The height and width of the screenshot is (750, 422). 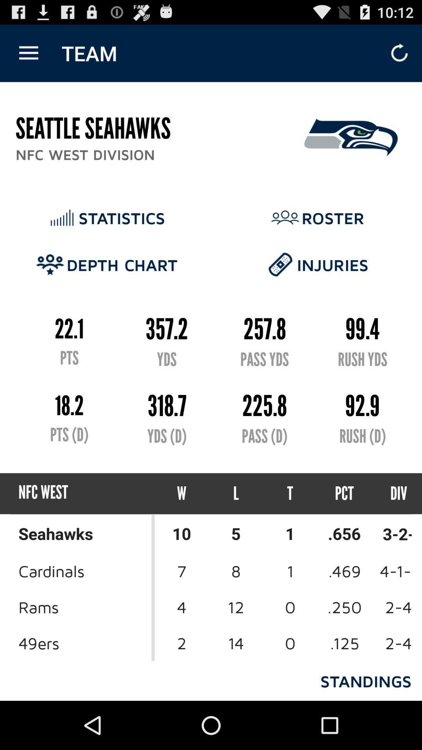 What do you see at coordinates (236, 493) in the screenshot?
I see `icon to the left of the t icon` at bounding box center [236, 493].